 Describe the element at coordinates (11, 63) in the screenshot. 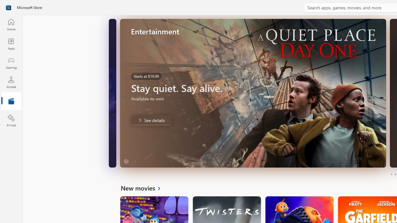

I see `'Gaming'` at that location.